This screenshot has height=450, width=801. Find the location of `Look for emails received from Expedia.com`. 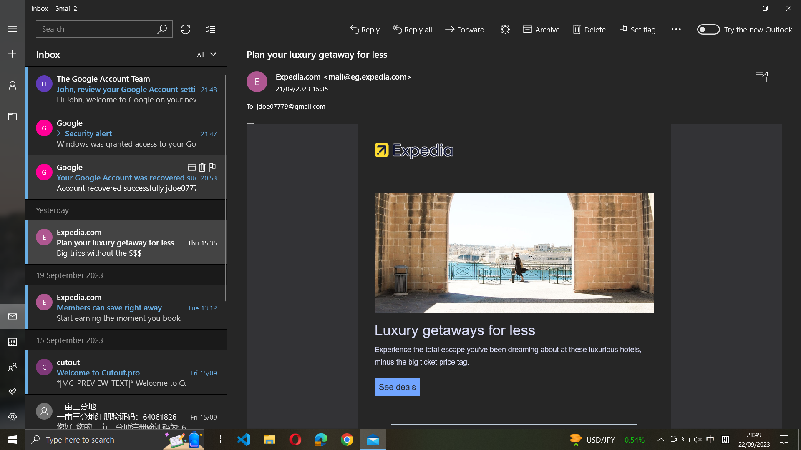

Look for emails received from Expedia.com is located at coordinates (103, 28).